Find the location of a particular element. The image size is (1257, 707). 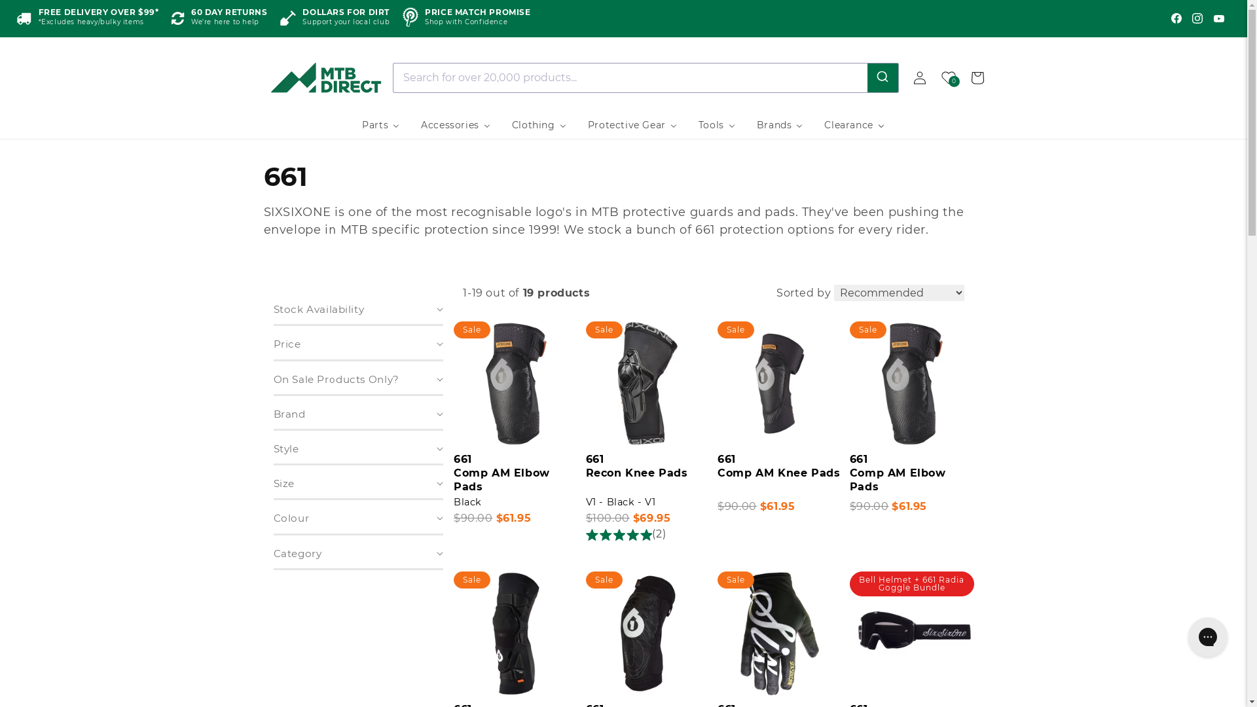

'Clearance' is located at coordinates (854, 125).